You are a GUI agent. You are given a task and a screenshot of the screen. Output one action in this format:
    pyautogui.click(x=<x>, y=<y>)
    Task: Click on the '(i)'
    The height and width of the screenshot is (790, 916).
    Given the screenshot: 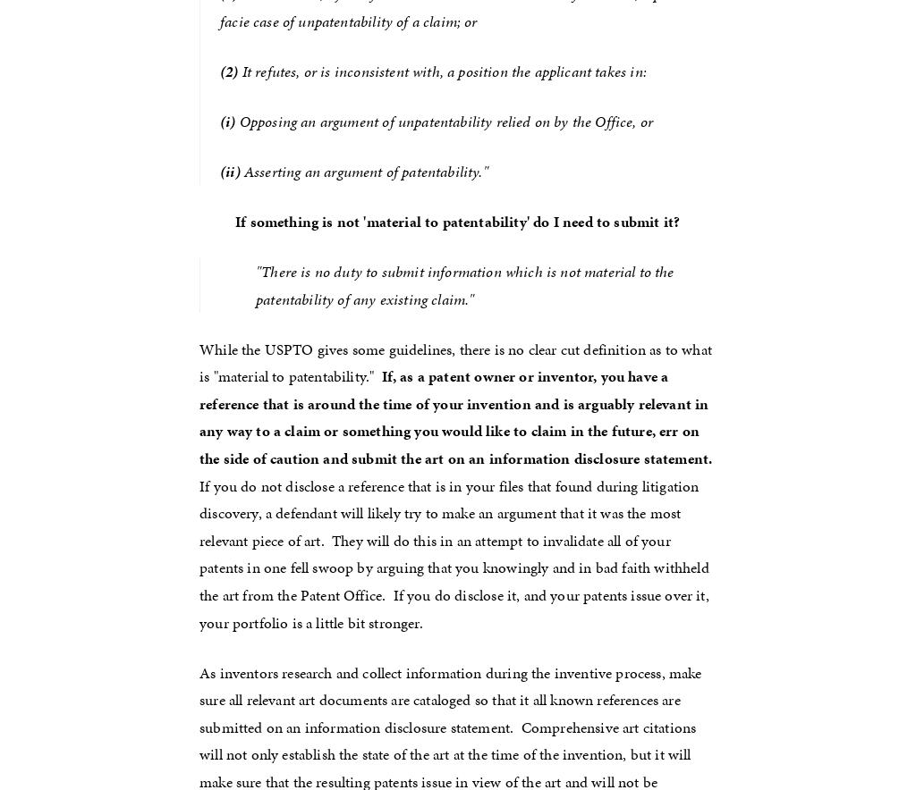 What is the action you would take?
    pyautogui.click(x=226, y=119)
    